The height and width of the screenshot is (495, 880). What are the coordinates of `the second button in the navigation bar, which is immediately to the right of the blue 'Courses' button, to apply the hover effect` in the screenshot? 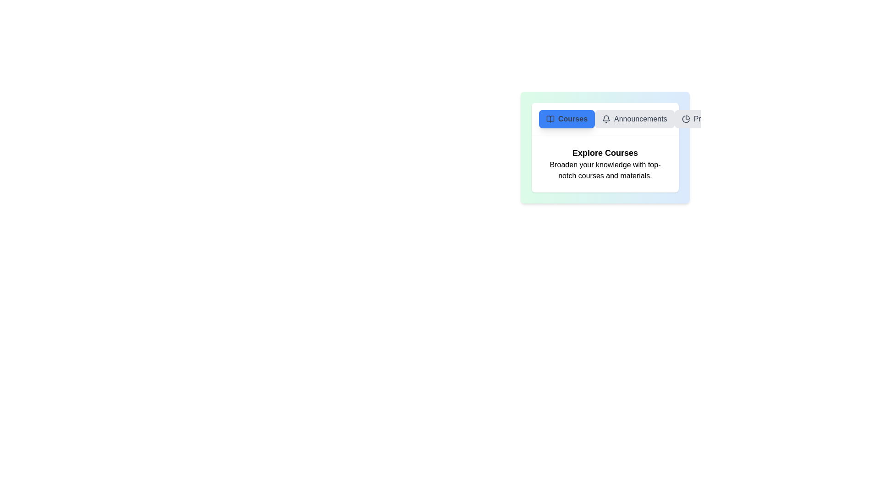 It's located at (634, 118).